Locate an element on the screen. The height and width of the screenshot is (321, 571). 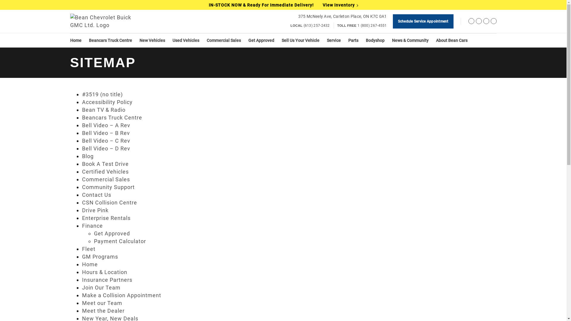
'Join Our Team' is located at coordinates (81, 287).